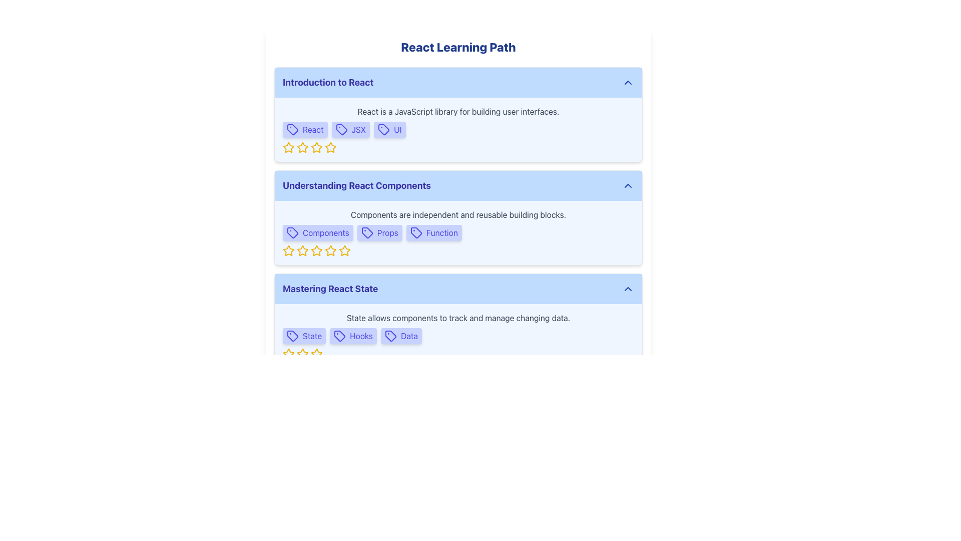 This screenshot has width=961, height=541. I want to click on the first hollow star icon with a yellow border under the 'Introduction to React' section to rate the first level, so click(288, 147).